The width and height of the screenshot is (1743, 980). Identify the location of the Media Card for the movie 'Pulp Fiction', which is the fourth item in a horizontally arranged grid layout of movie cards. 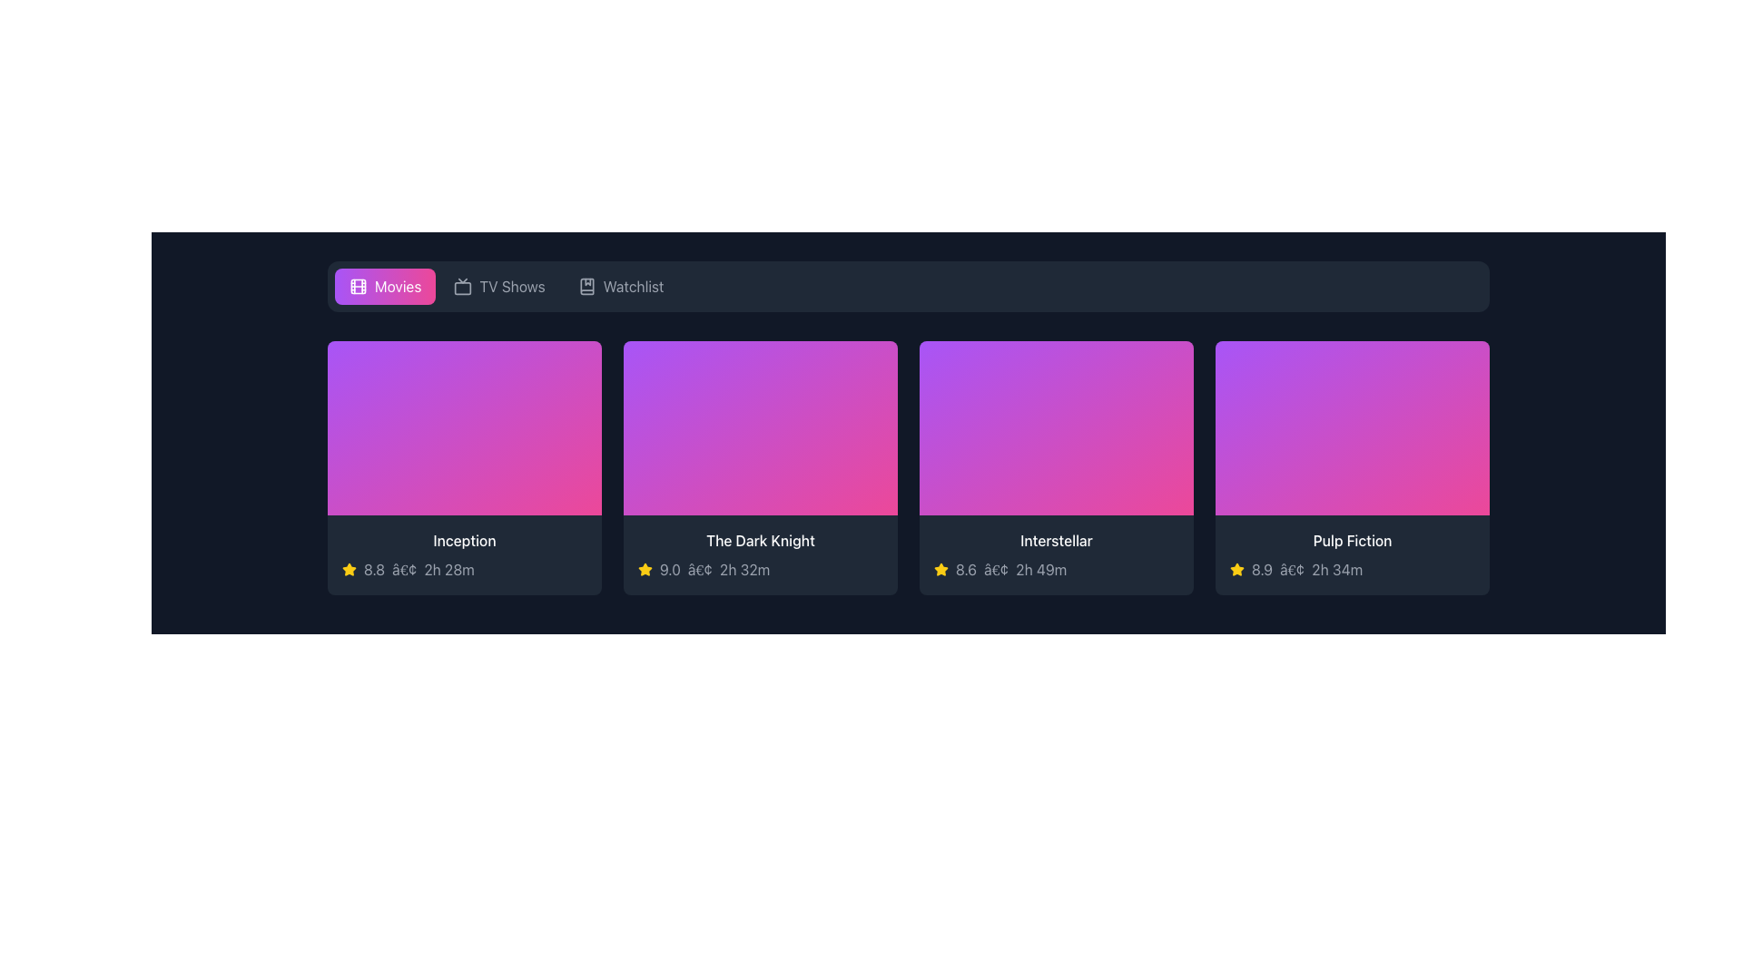
(1352, 467).